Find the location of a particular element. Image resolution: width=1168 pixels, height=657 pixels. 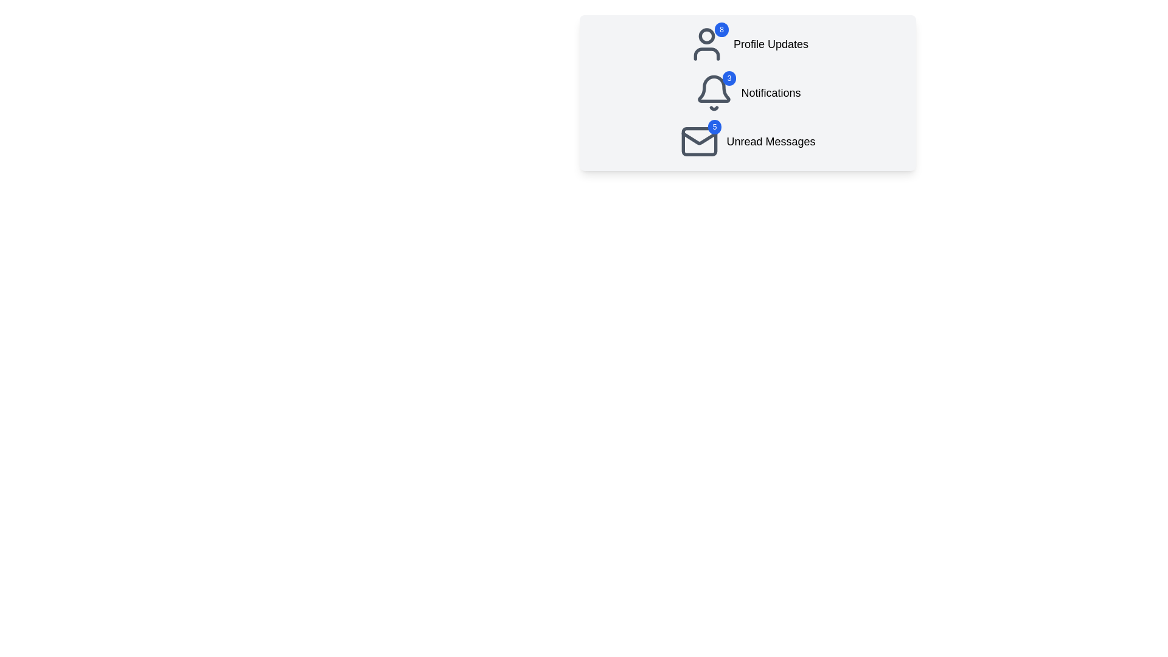

the bell-shaped notification icon, which is gray and located in the middle of the notification menu, directly above the 'Notifications' label is located at coordinates (714, 88).